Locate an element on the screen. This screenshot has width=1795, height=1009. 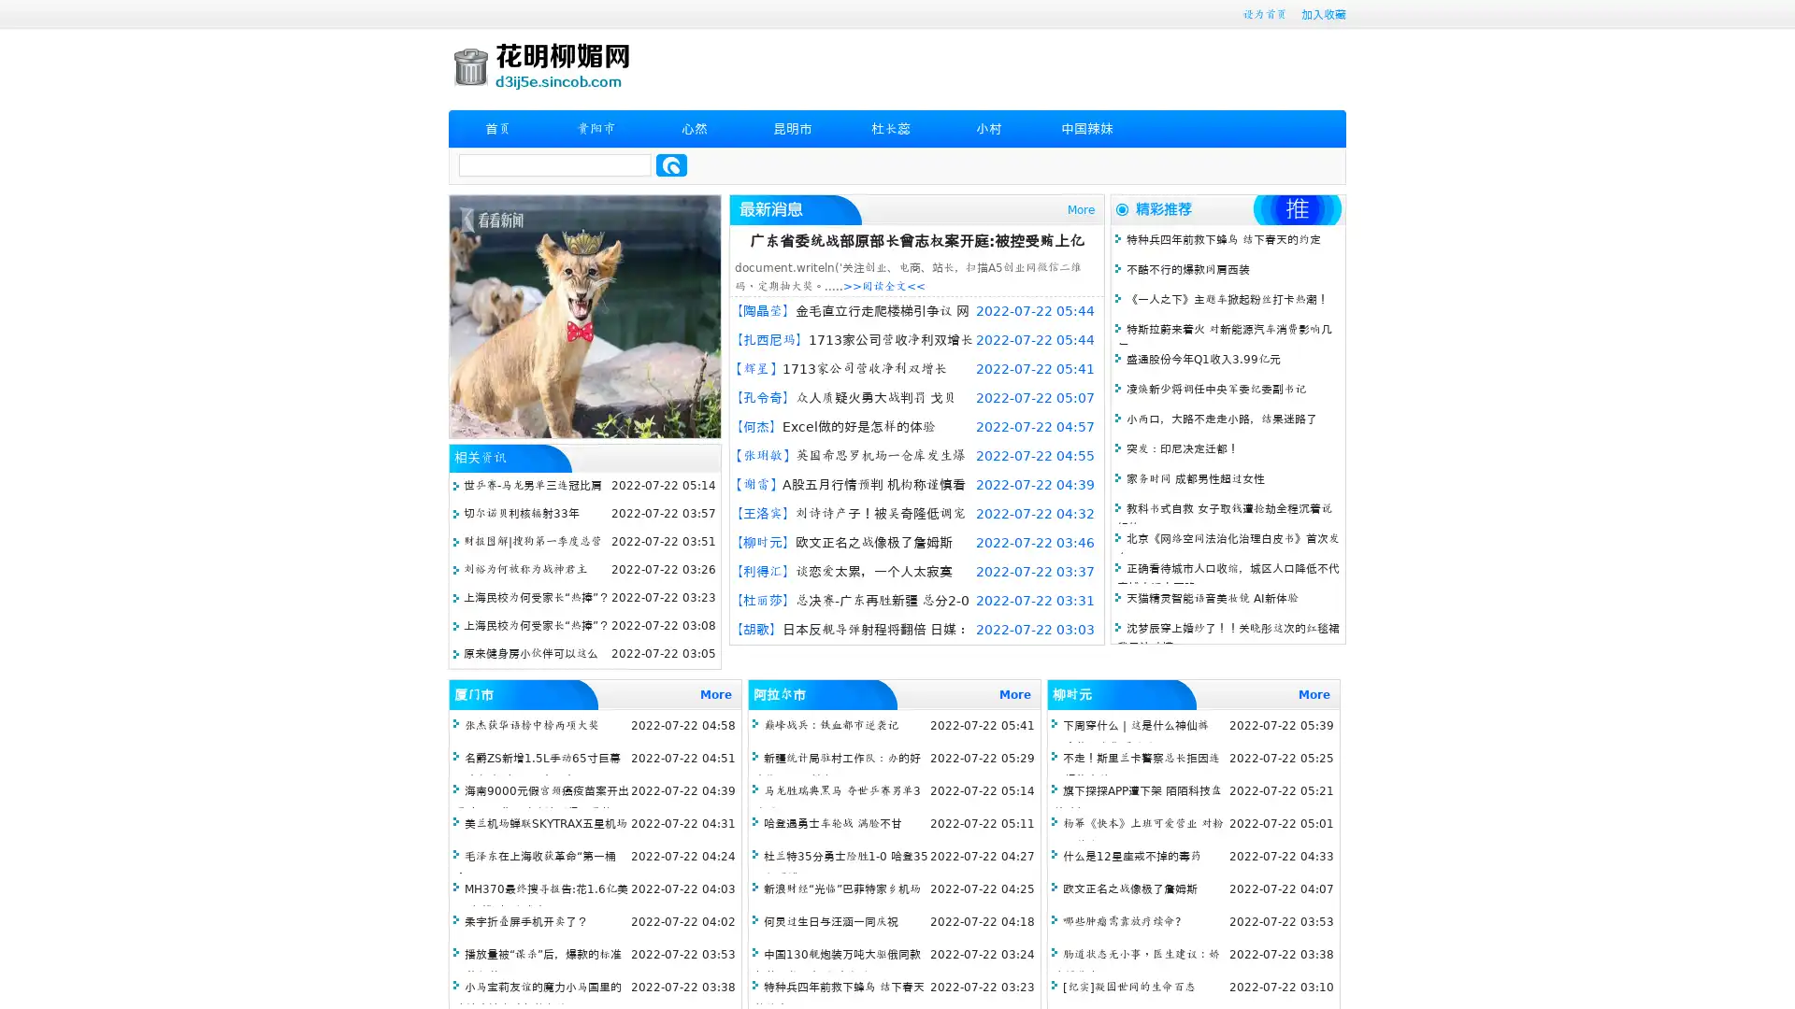
Search is located at coordinates (671, 164).